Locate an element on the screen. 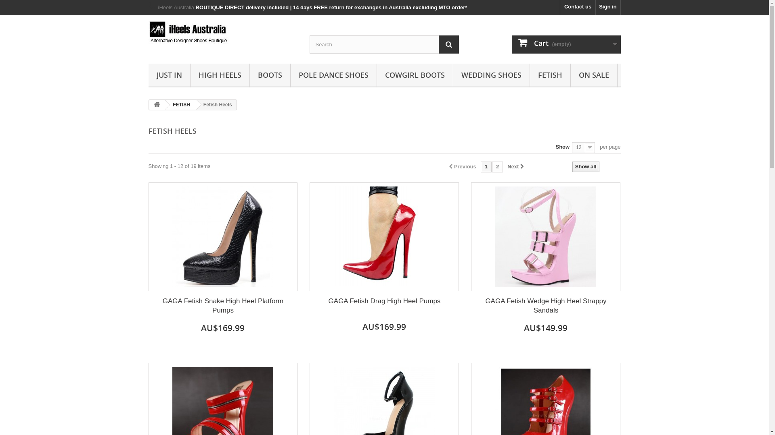  '2' is located at coordinates (497, 166).